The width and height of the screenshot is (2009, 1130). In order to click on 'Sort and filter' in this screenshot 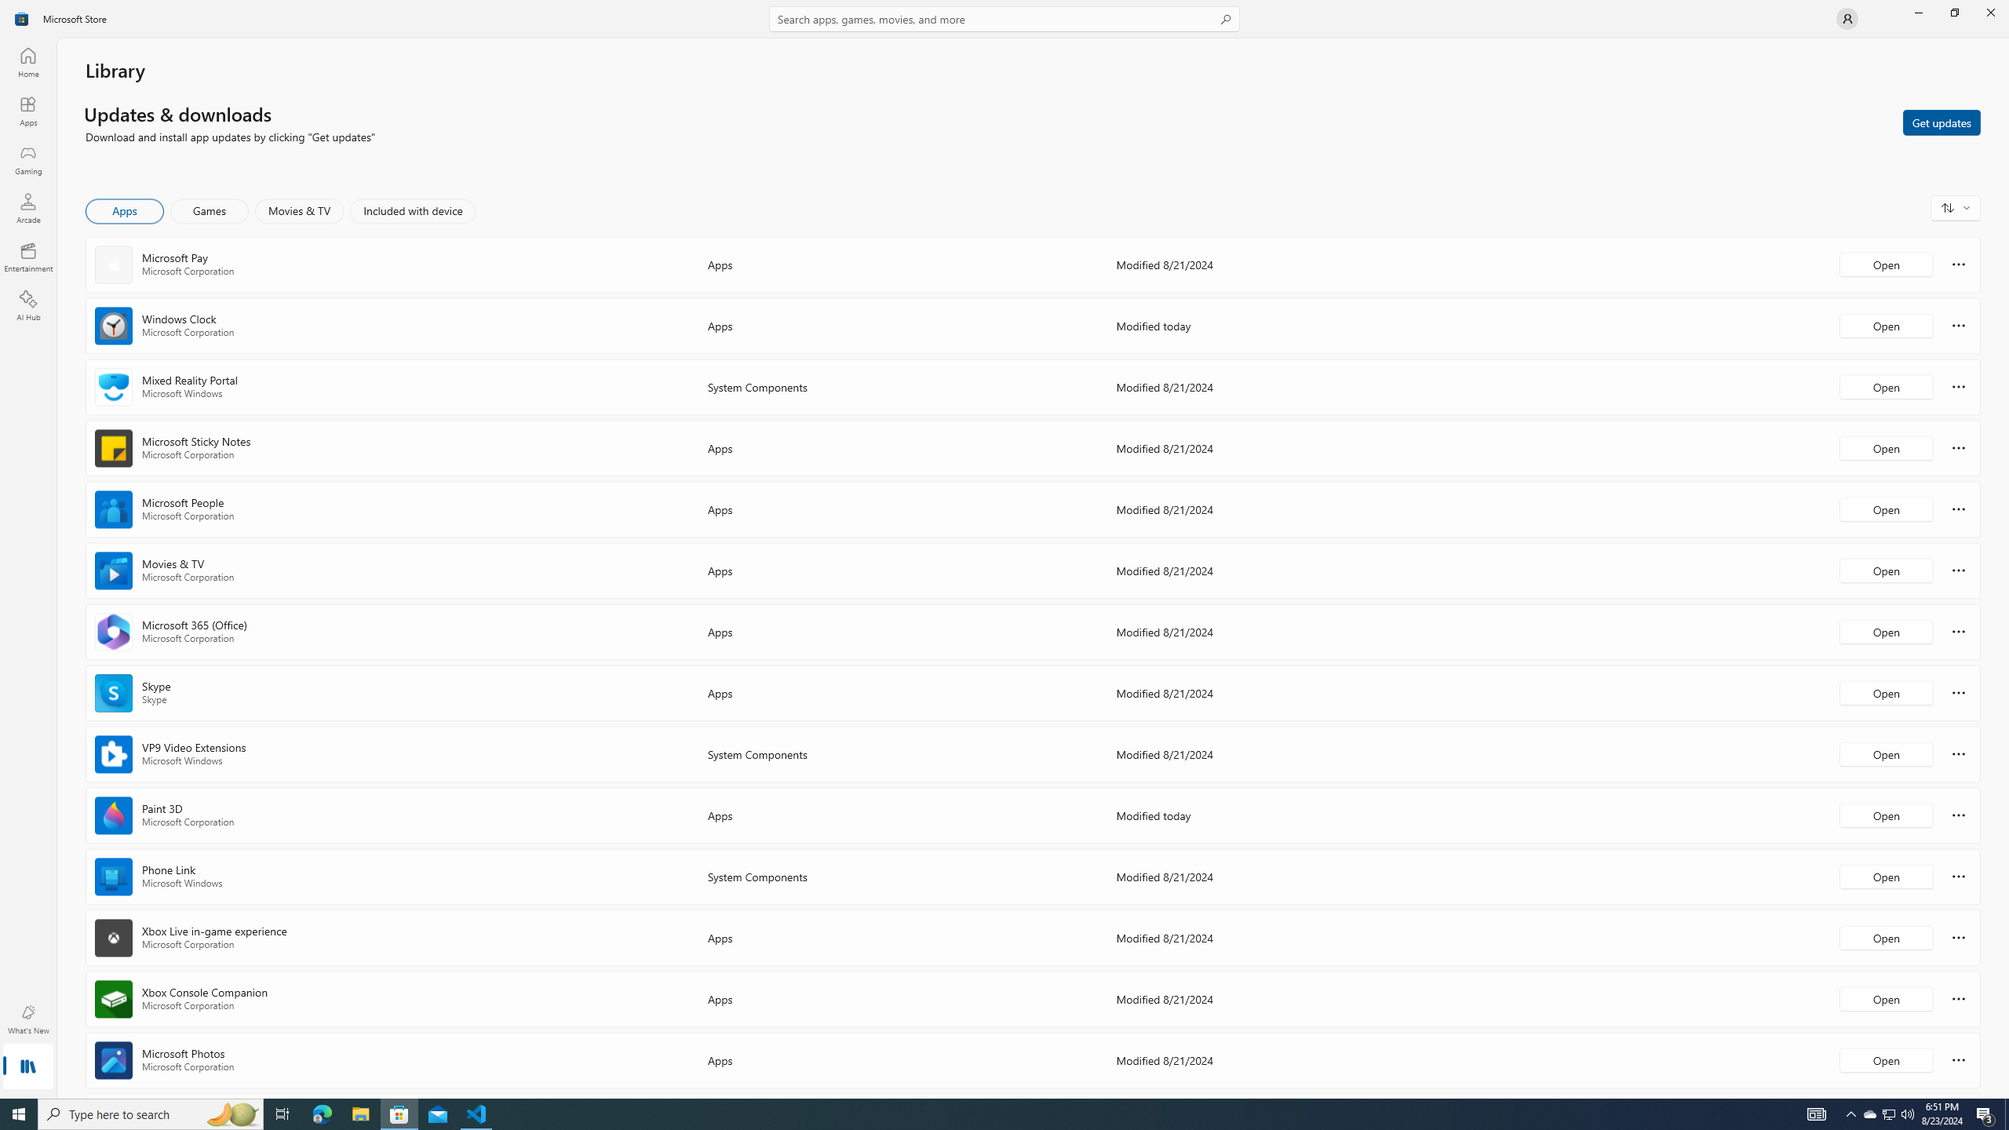, I will do `click(1955, 207)`.